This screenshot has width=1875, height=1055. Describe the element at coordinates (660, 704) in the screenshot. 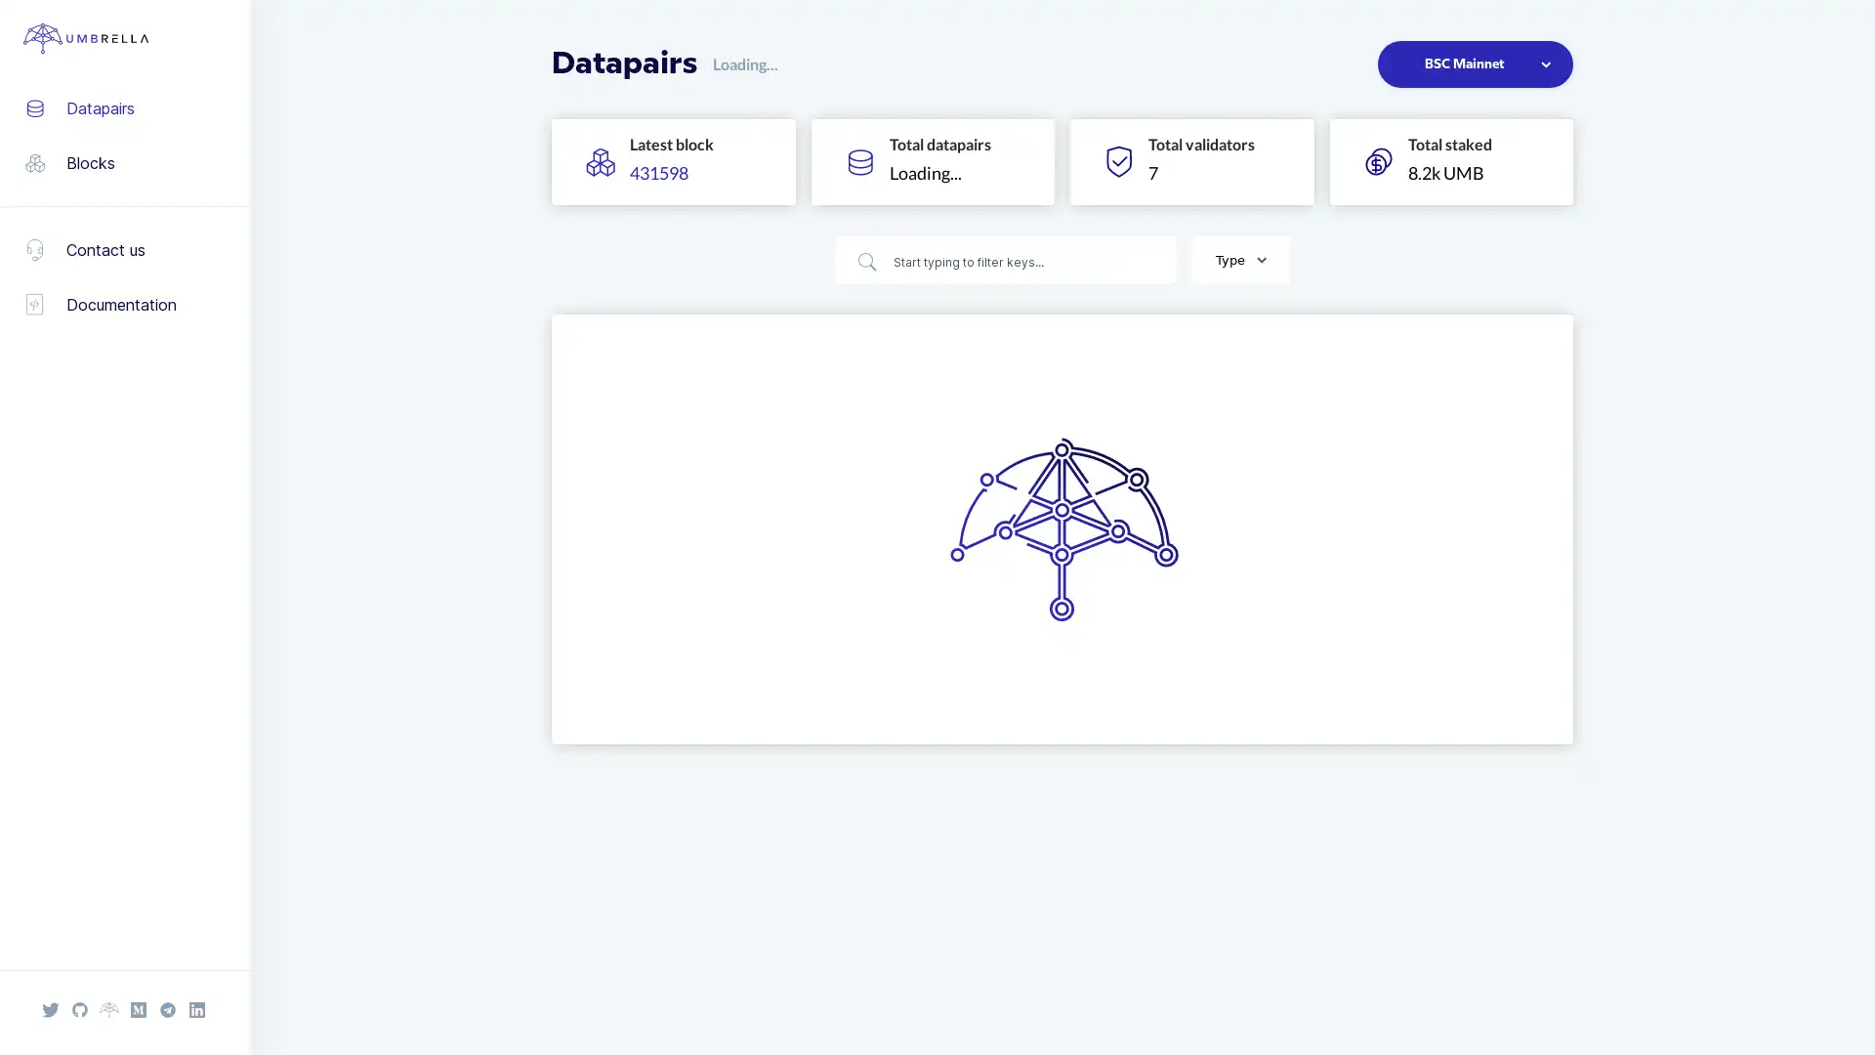

I see `Go to page 2` at that location.